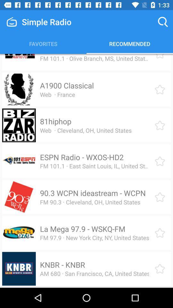 The height and width of the screenshot is (308, 173). What do you see at coordinates (57, 94) in the screenshot?
I see `item below the a1900 classical icon` at bounding box center [57, 94].